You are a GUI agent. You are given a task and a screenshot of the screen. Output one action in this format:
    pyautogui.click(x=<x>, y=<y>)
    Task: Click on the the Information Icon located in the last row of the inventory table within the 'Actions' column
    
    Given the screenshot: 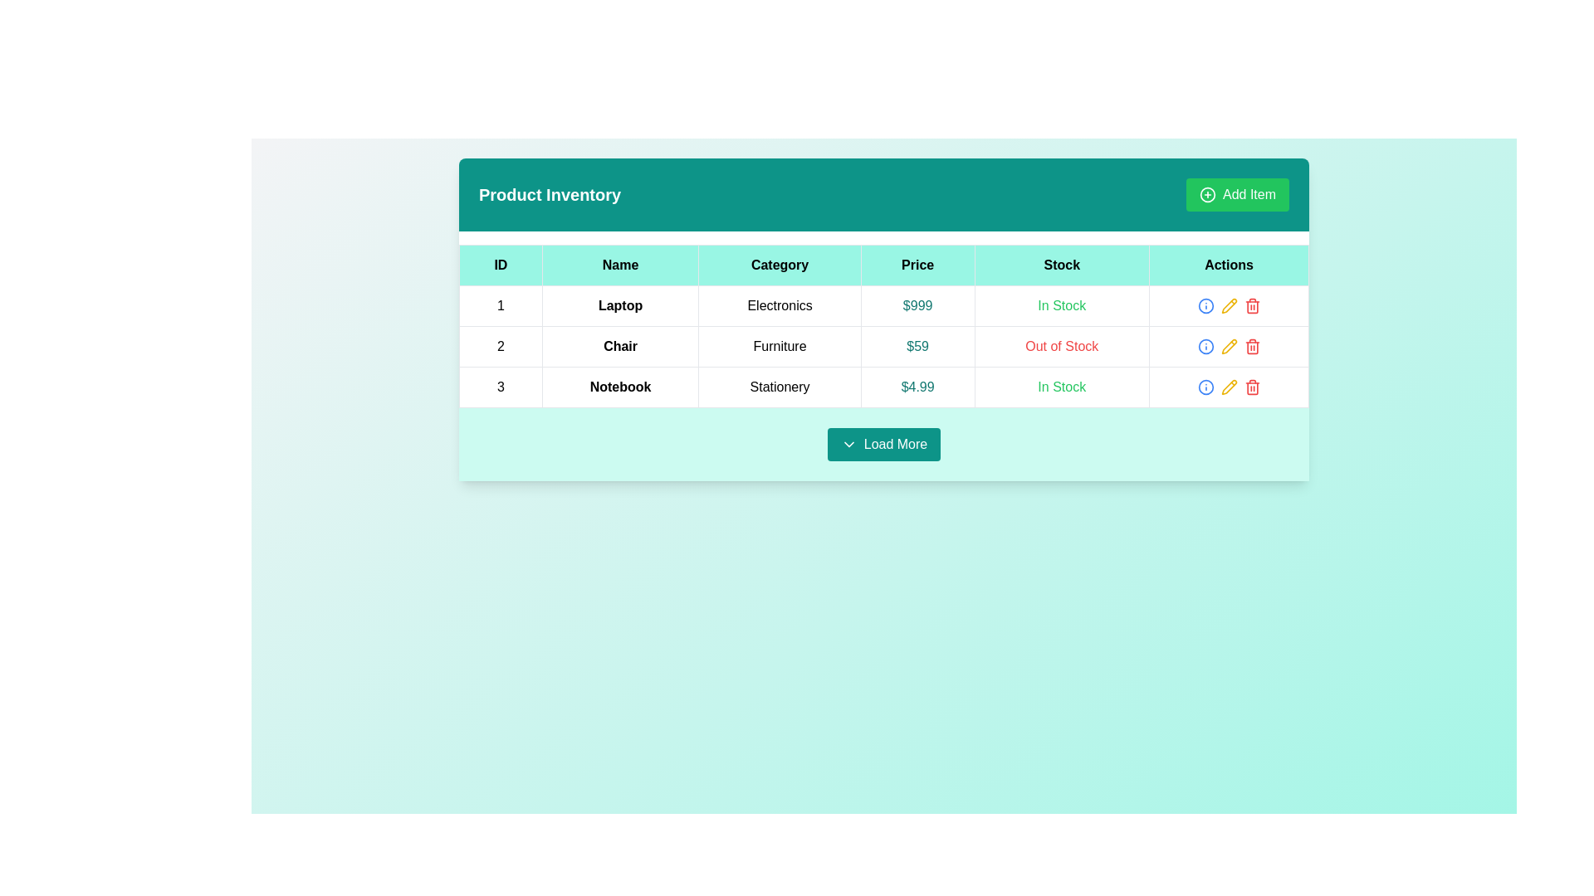 What is the action you would take?
    pyautogui.click(x=1205, y=345)
    